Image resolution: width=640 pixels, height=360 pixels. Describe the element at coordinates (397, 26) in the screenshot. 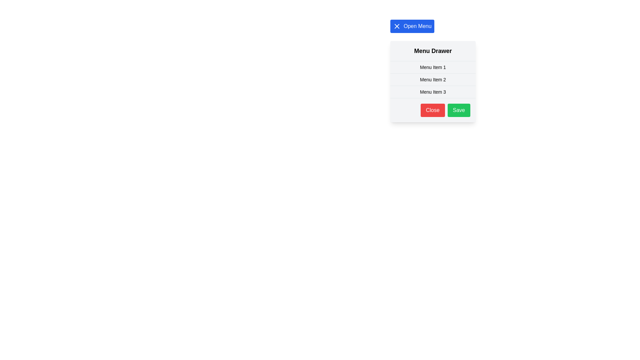

I see `the 'X' icon located at the far left of the blue 'Open Menu' button` at that location.